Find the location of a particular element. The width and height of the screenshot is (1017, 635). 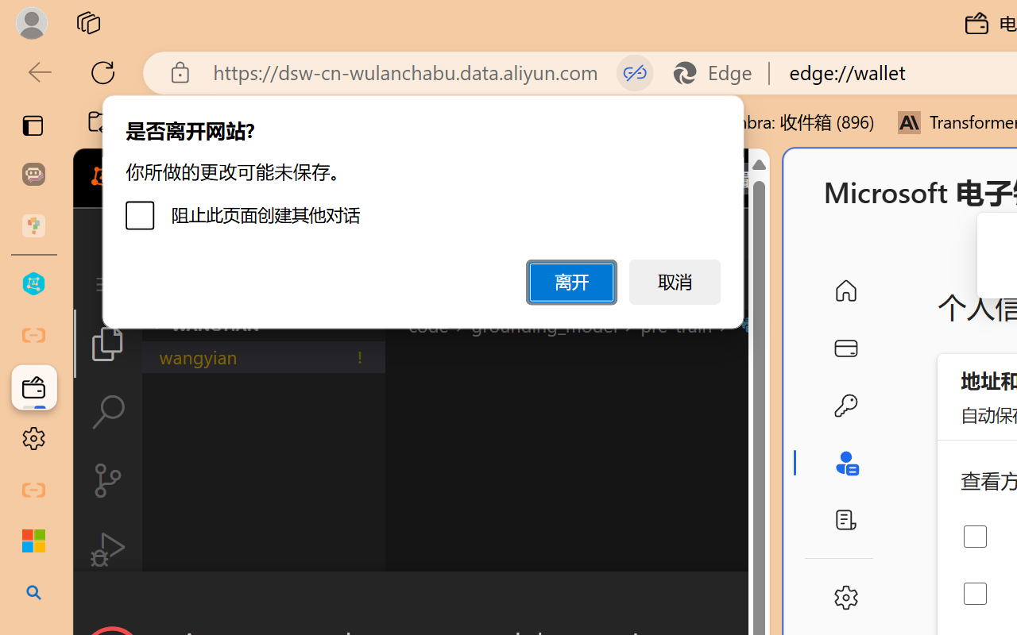

'Run and Debug (Ctrl+Shift+D)' is located at coordinates (106, 549).